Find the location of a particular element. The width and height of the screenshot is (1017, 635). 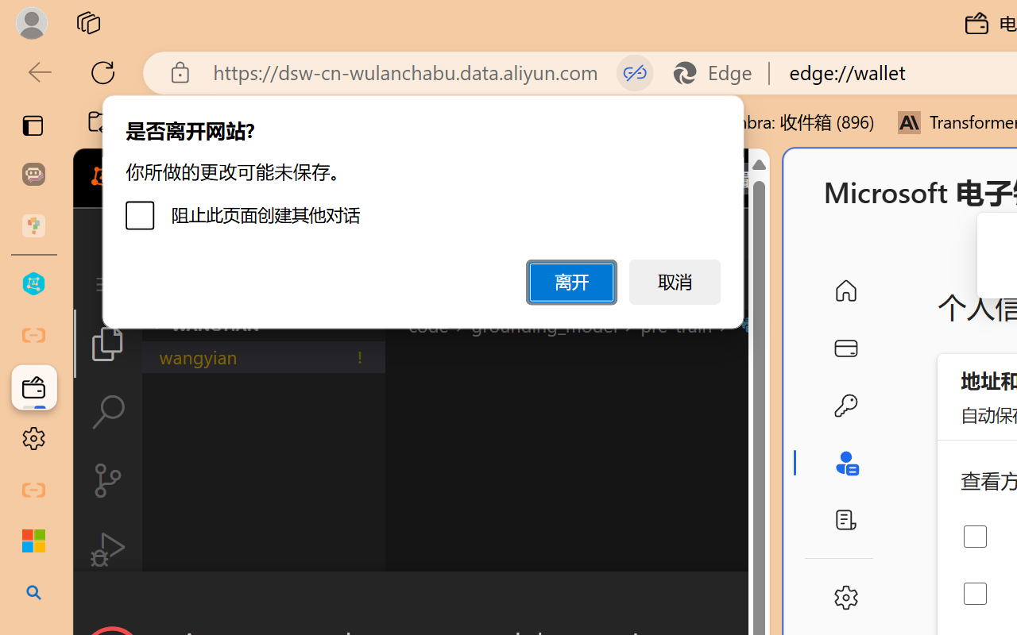

'Run and Debug (Ctrl+Shift+D)' is located at coordinates (106, 549).